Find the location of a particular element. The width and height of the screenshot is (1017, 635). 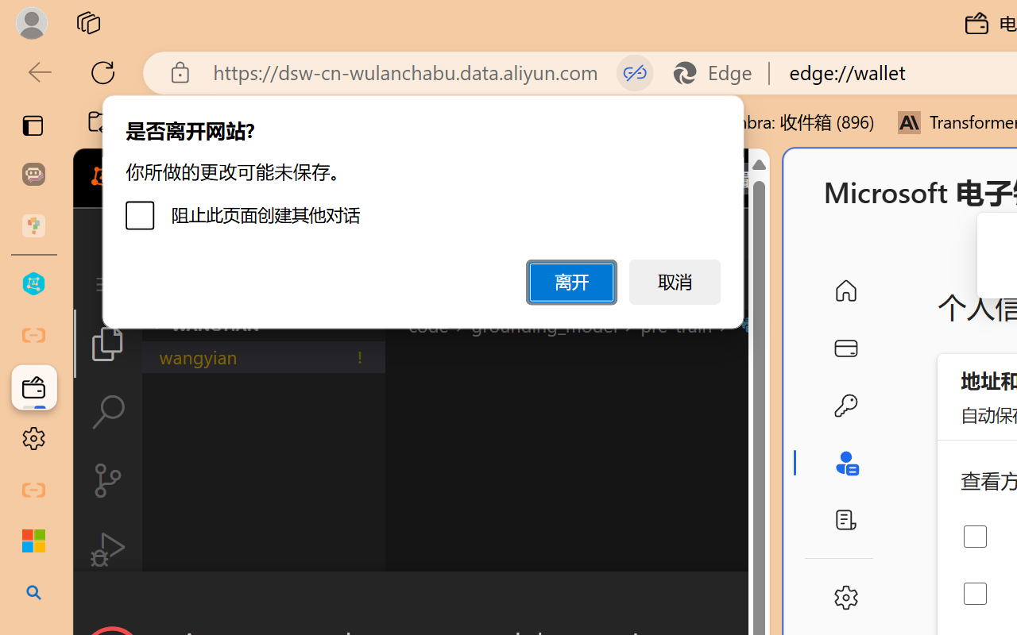

'Run and Debug (Ctrl+Shift+D)' is located at coordinates (106, 549).